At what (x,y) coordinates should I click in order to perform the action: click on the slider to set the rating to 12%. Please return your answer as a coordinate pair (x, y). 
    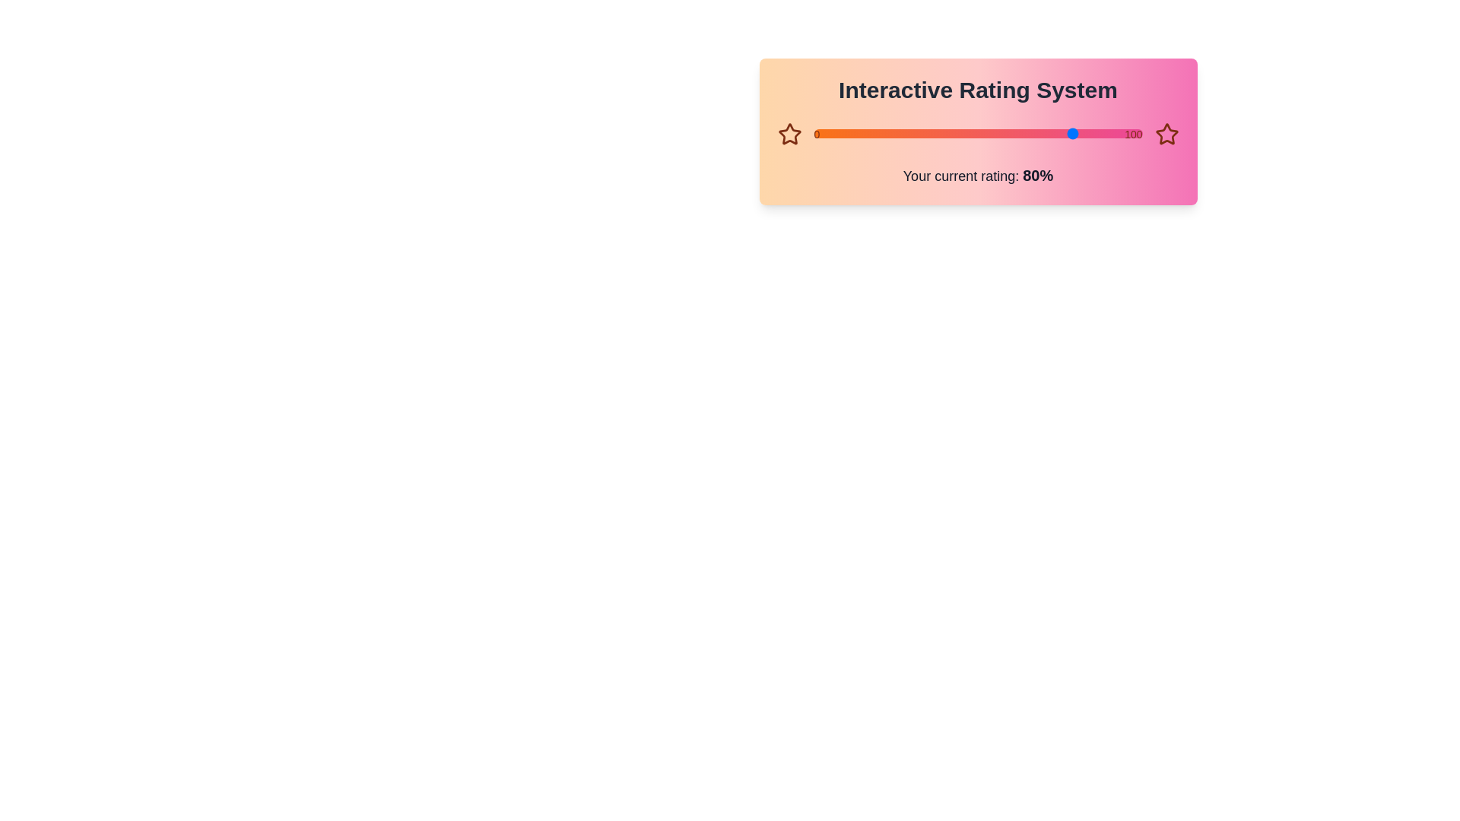
    Looking at the image, I should click on (813, 133).